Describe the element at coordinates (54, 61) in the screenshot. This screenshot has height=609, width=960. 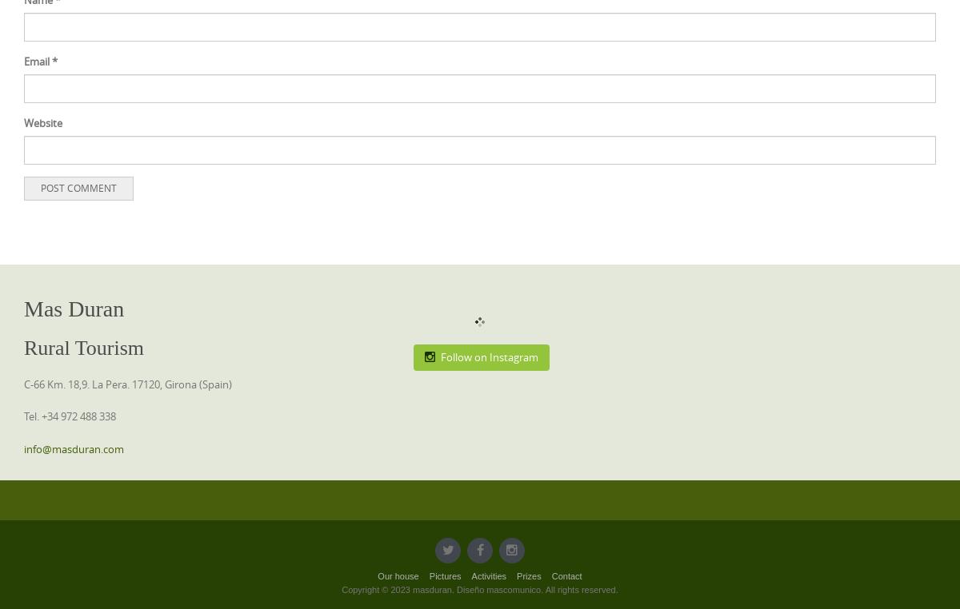
I see `'*'` at that location.